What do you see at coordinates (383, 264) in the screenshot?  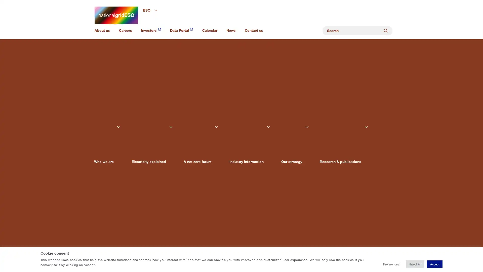 I see `Preferences` at bounding box center [383, 264].